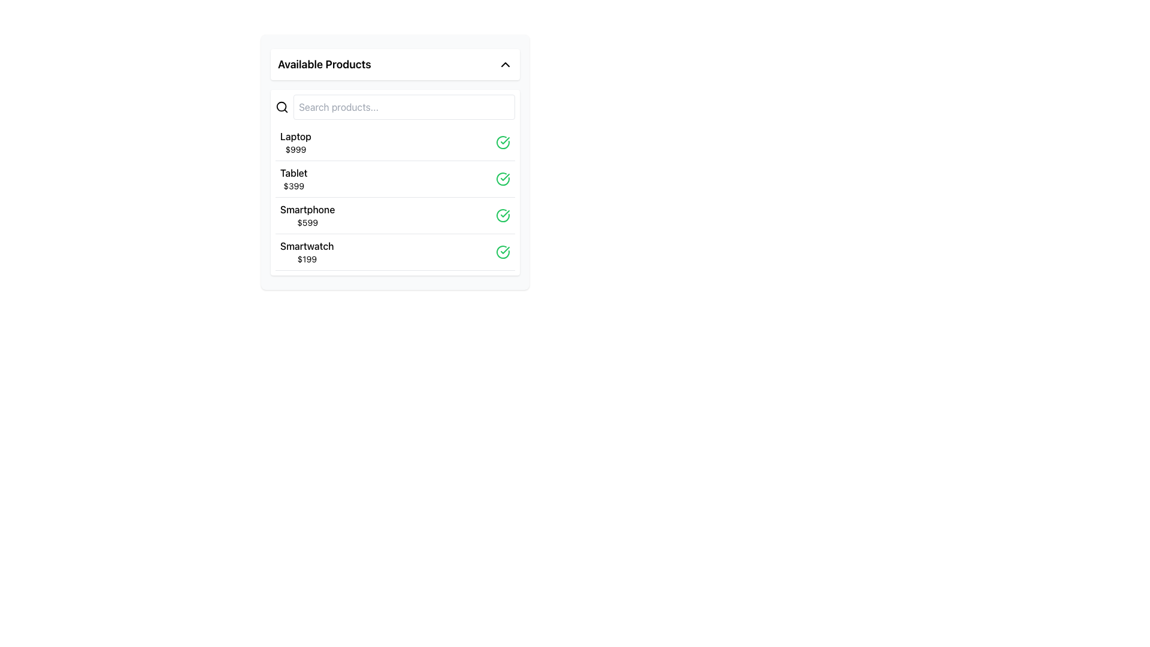 The image size is (1150, 647). Describe the element at coordinates (307, 222) in the screenshot. I see `the text label displaying the price '$599', which is aligned below 'Smartphone' and above 'Smartwatch $199' in the product details list` at that location.